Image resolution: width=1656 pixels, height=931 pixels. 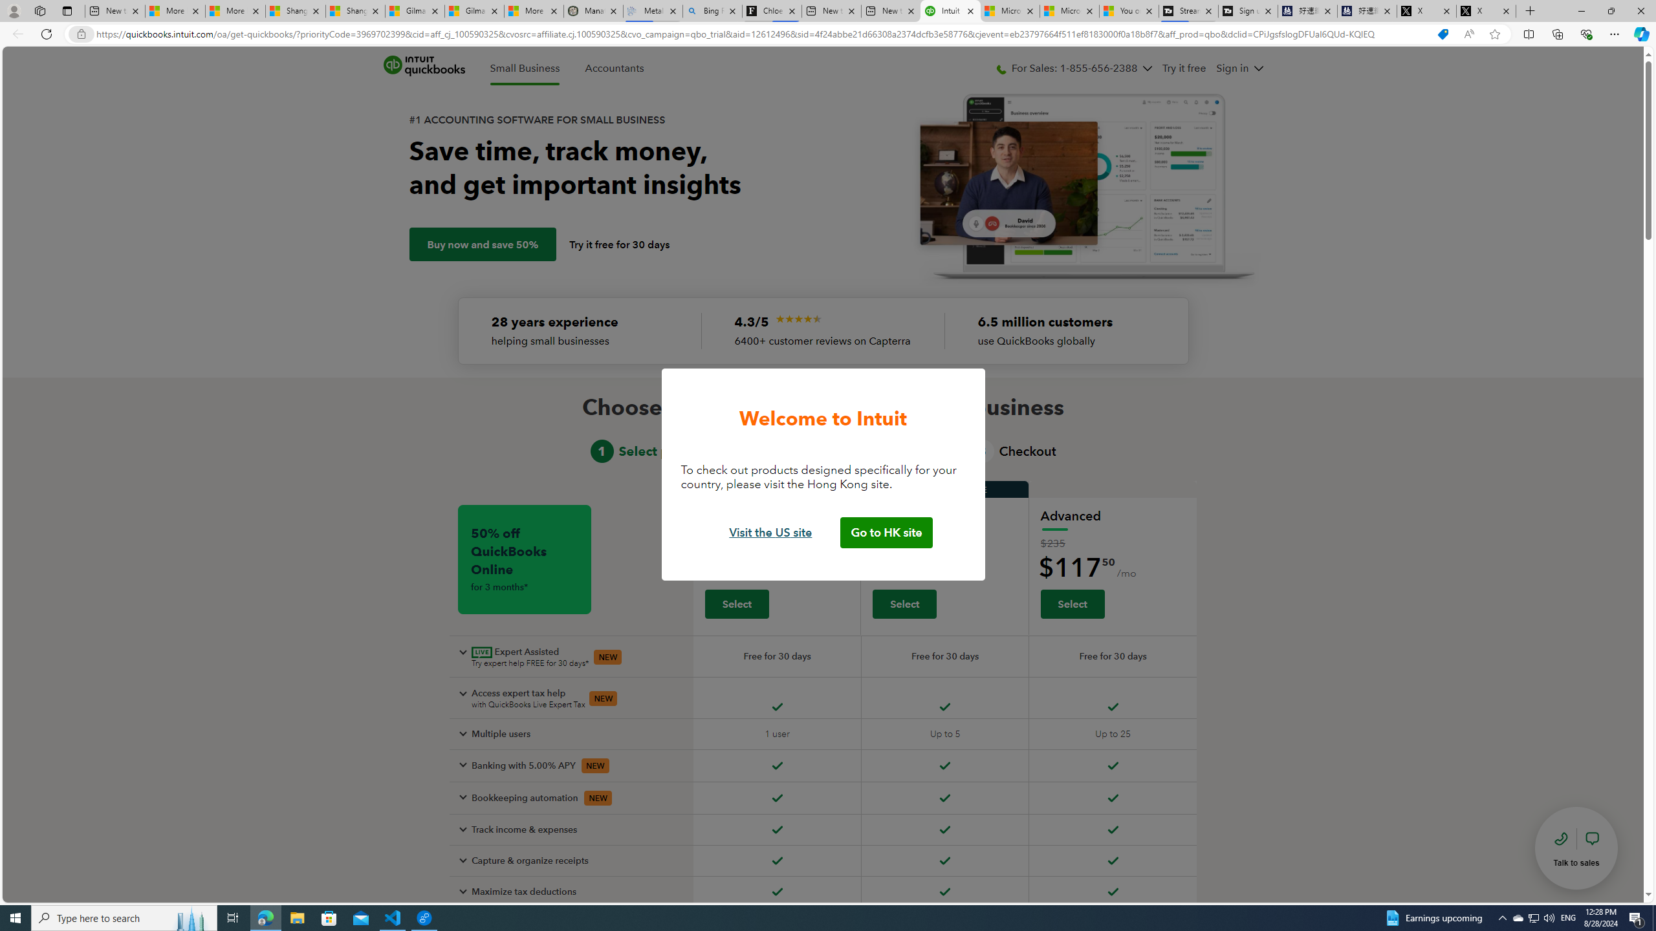 I want to click on 'Bing Real Estate - Home sales and rental listings', so click(x=712, y=10).